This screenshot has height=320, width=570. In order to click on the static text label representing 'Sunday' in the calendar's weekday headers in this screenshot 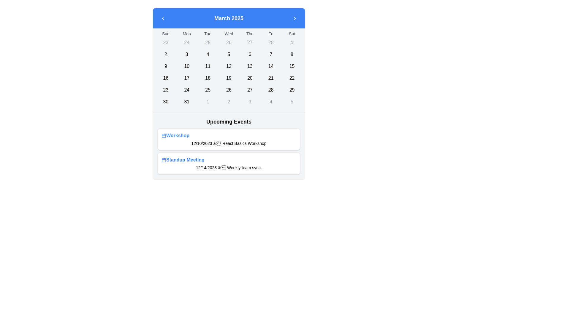, I will do `click(166, 34)`.